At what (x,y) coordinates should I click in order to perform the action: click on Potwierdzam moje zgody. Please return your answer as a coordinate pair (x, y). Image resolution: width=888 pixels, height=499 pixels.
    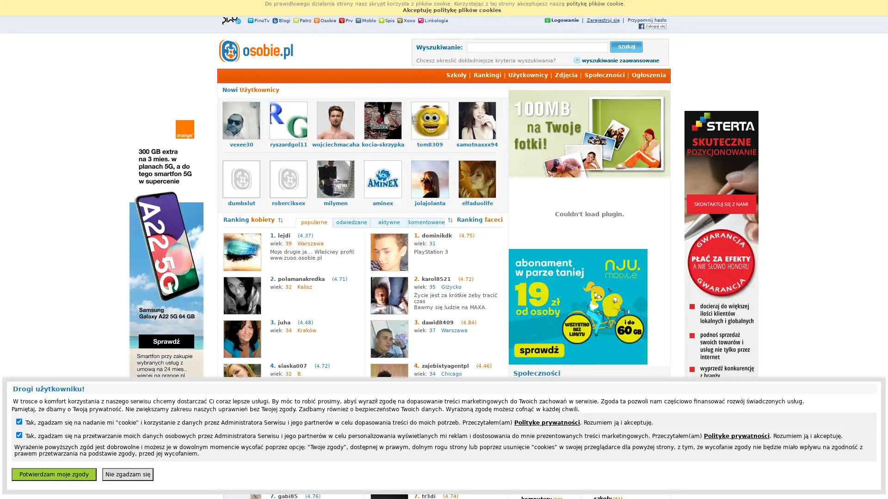
    Looking at the image, I should click on (53, 474).